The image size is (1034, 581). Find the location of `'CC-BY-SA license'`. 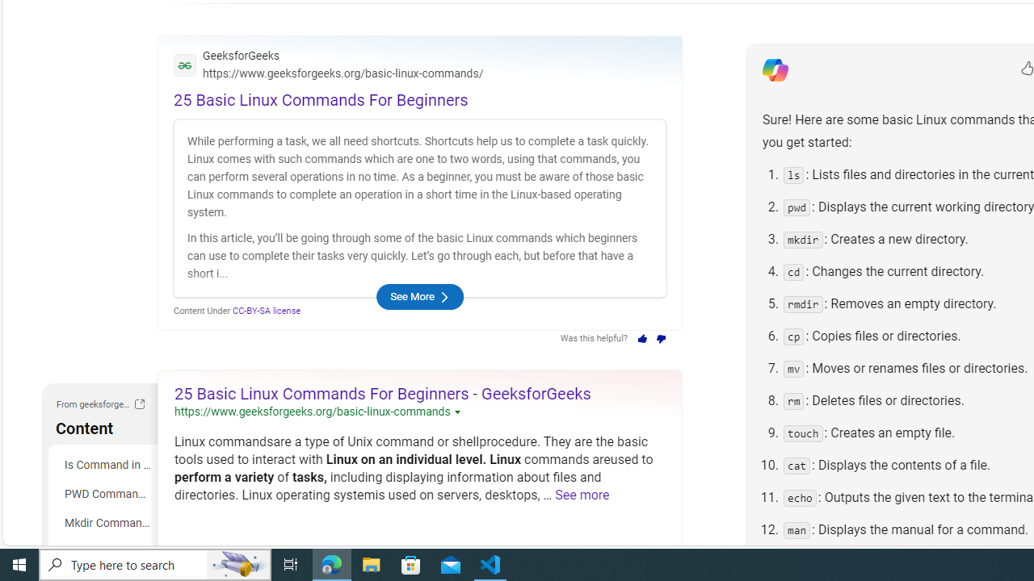

'CC-BY-SA license' is located at coordinates (267, 311).